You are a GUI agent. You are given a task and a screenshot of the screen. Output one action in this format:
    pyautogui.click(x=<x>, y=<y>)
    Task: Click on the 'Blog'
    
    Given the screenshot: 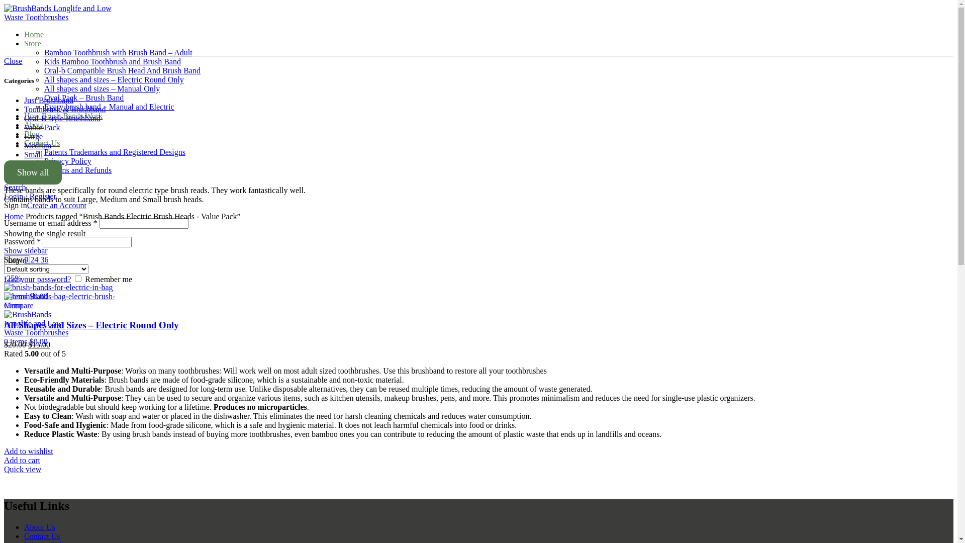 What is the action you would take?
    pyautogui.click(x=32, y=133)
    